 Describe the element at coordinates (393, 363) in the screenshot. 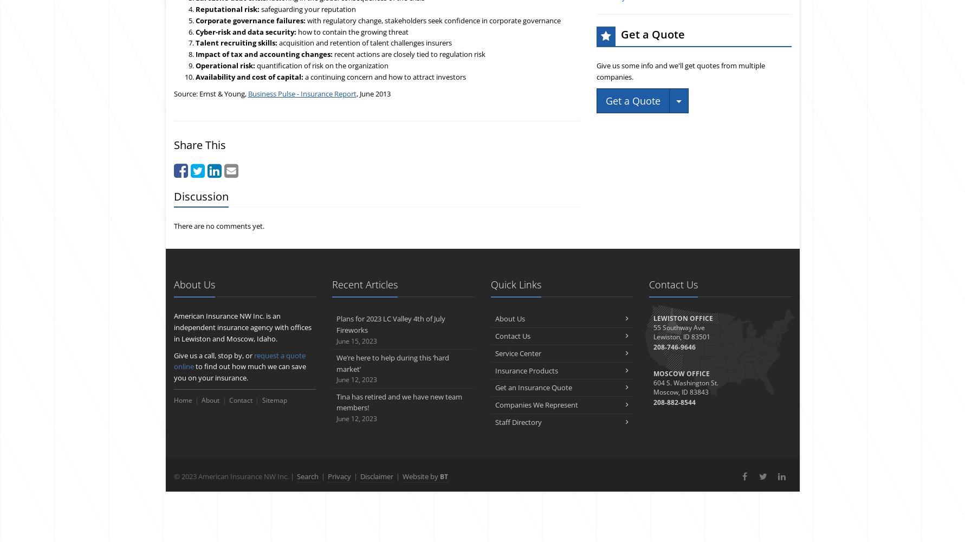

I see `'We’re here to help during this ‘hard market’'` at that location.